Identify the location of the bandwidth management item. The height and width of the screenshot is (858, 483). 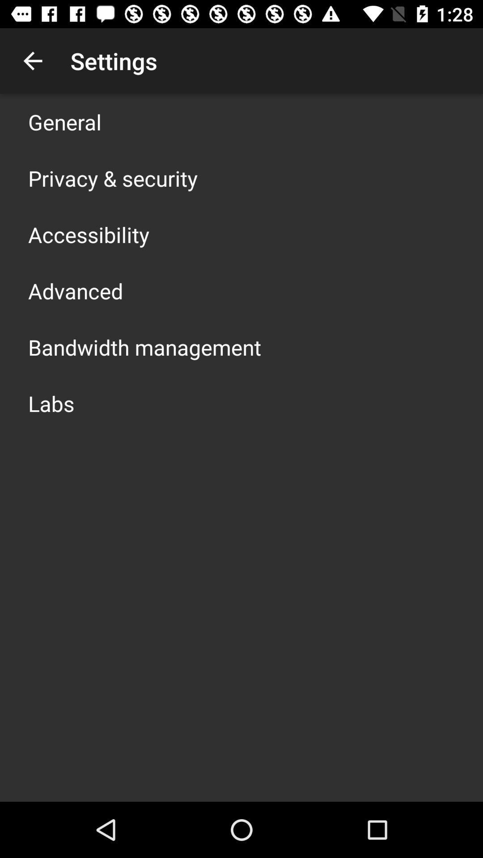
(144, 347).